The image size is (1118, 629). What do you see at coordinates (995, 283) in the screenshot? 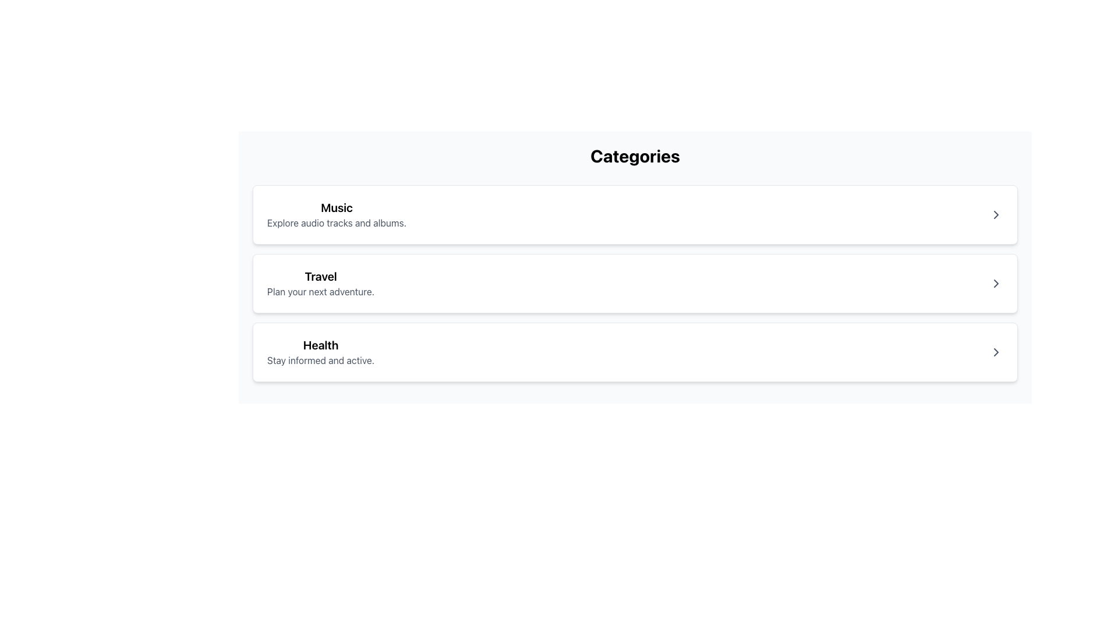
I see `the right-pointing chevron arrow icon located to the right of the 'Travel' category title within the second category card` at bounding box center [995, 283].